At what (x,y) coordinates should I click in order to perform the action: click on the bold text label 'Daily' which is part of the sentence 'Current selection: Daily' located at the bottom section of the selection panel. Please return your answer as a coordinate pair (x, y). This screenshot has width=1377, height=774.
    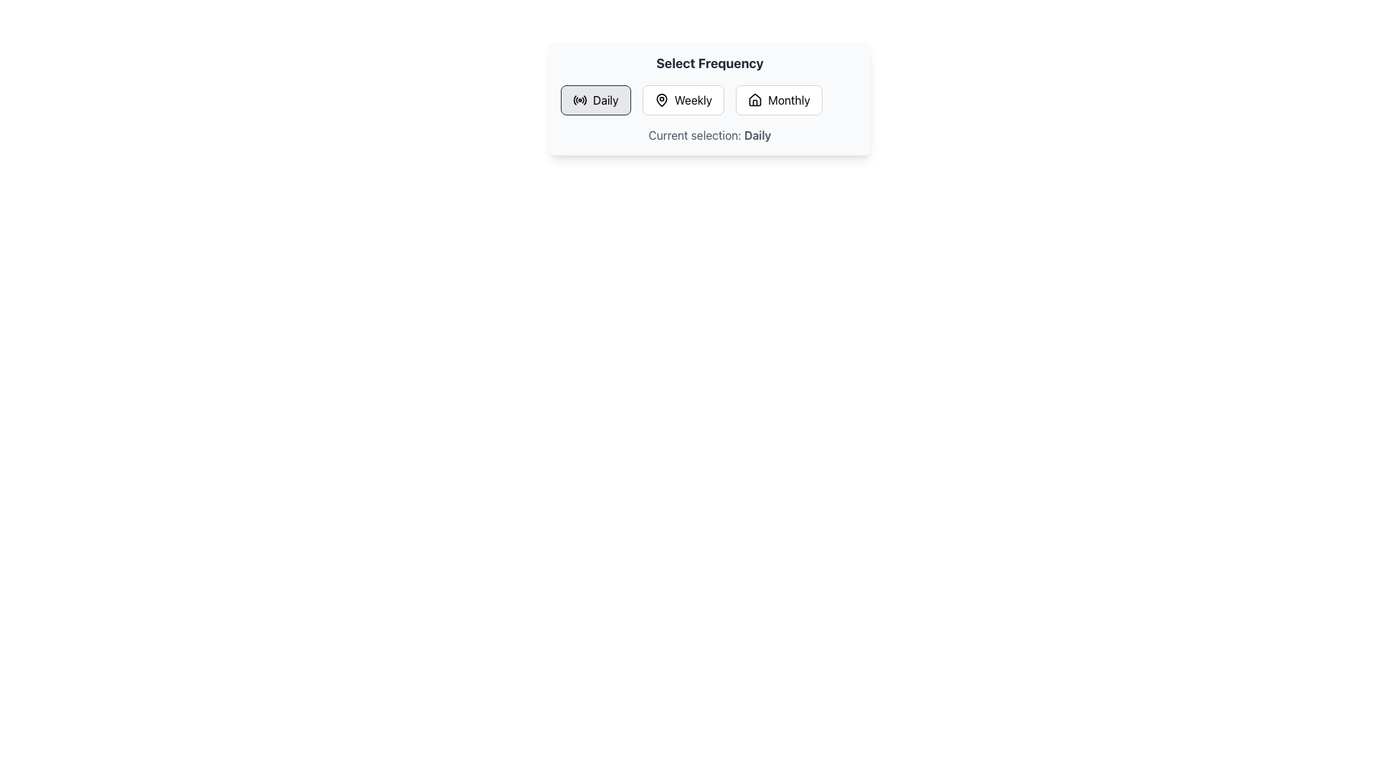
    Looking at the image, I should click on (757, 135).